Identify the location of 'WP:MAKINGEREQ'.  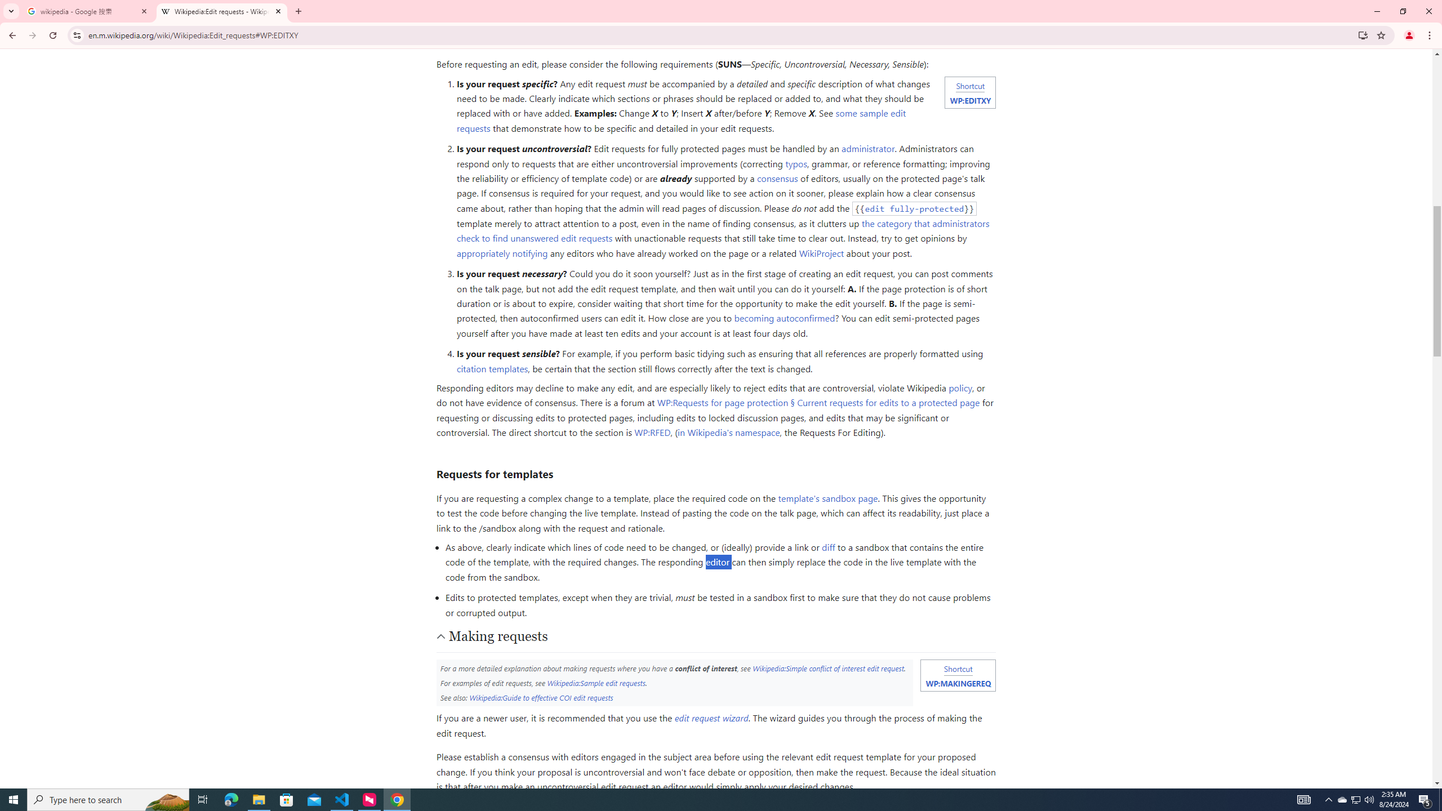
(958, 683).